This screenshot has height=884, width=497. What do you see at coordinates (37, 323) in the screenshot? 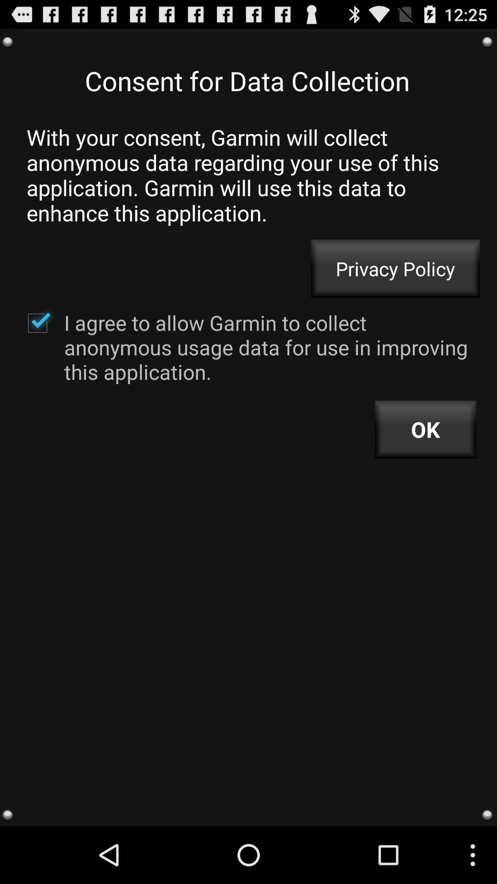
I see `to agree or unselect for no agree` at bounding box center [37, 323].